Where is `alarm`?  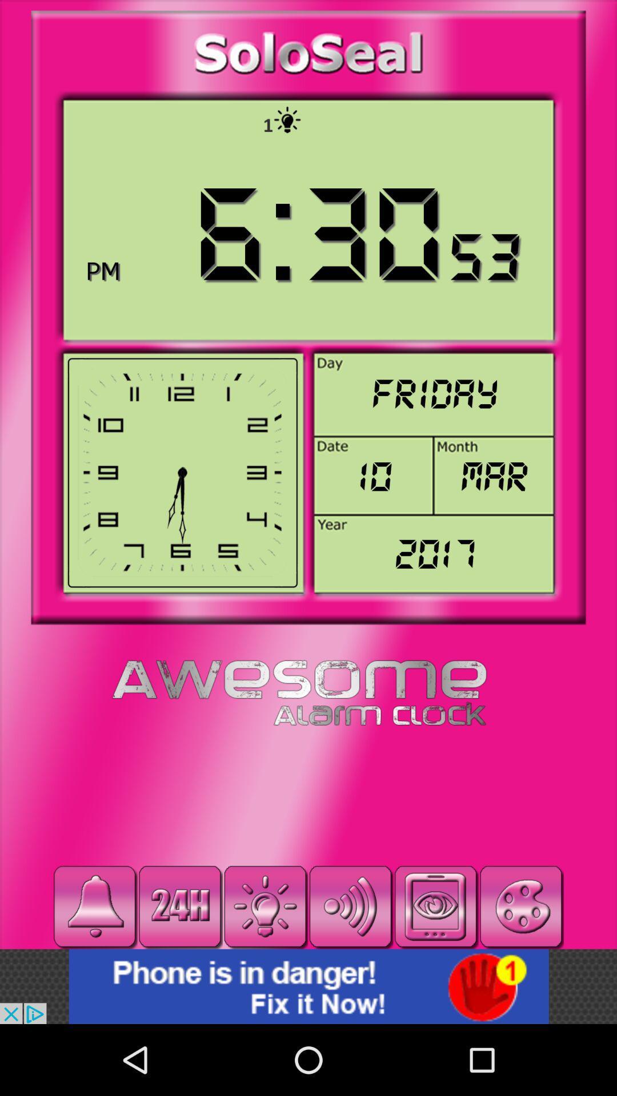
alarm is located at coordinates (94, 906).